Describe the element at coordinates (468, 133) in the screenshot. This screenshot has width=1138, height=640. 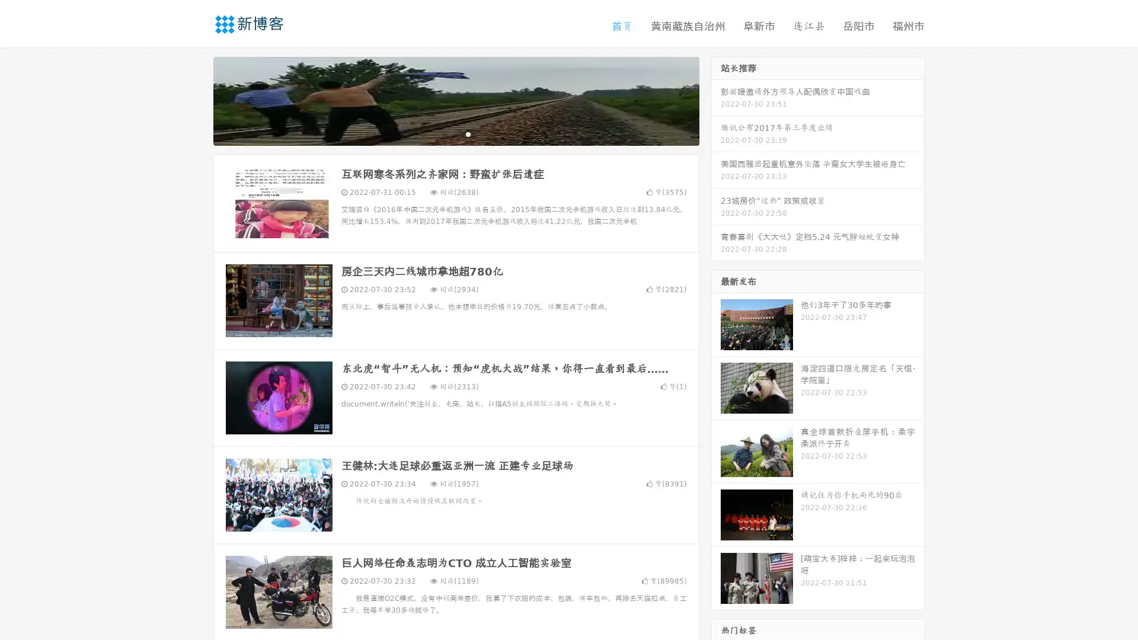
I see `Go to slide 3` at that location.